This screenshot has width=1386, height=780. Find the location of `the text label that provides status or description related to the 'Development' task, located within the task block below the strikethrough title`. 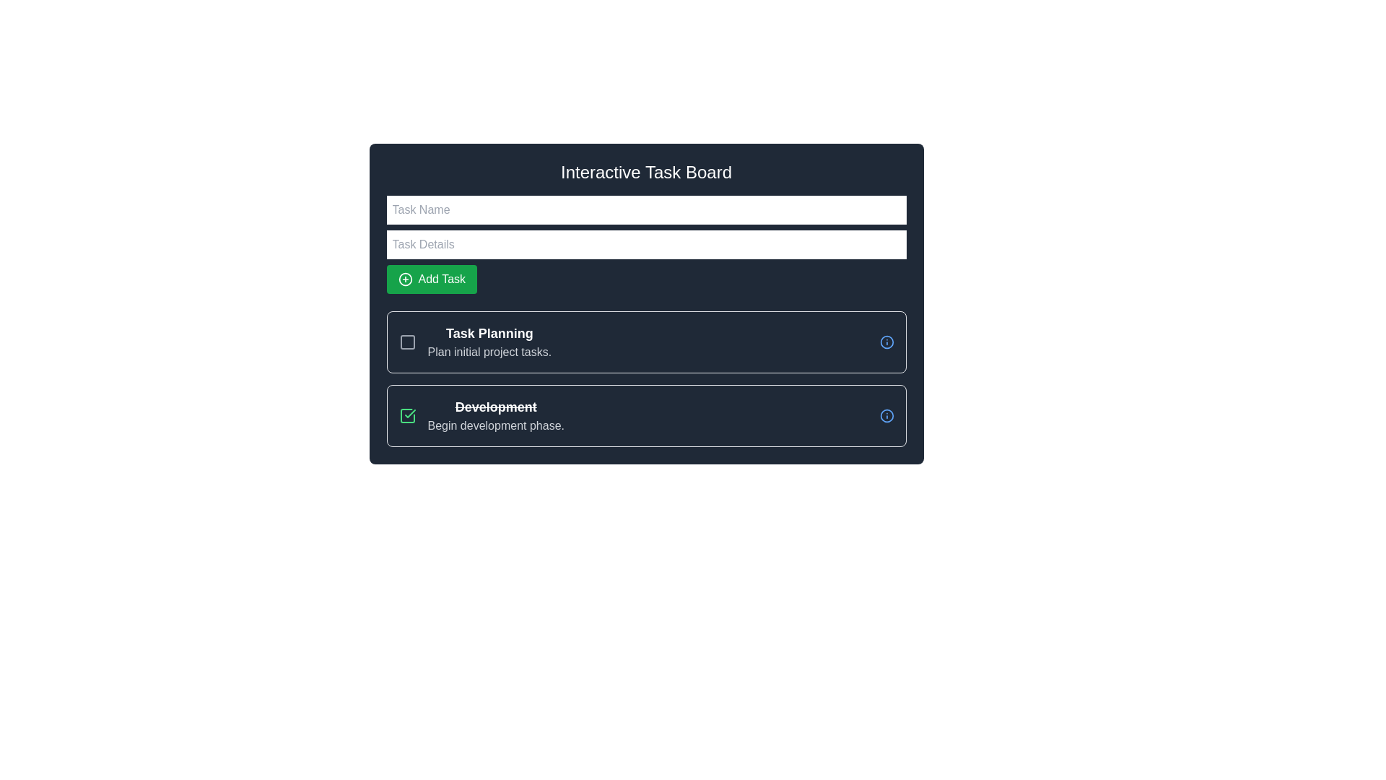

the text label that provides status or description related to the 'Development' task, located within the task block below the strikethrough title is located at coordinates (496, 425).